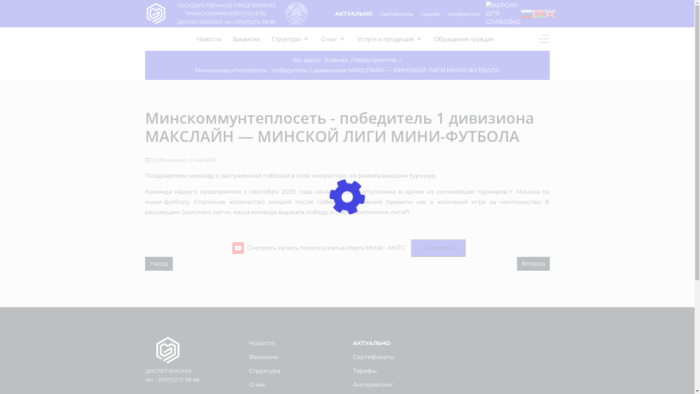 The width and height of the screenshot is (700, 394). Describe the element at coordinates (538, 13) in the screenshot. I see `'Belarusian'` at that location.